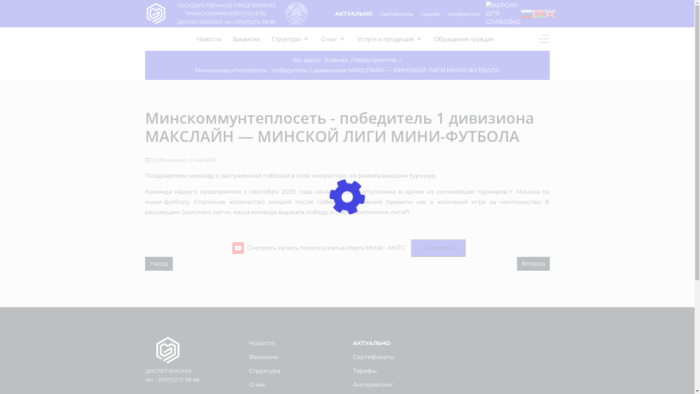 The width and height of the screenshot is (700, 394). Describe the element at coordinates (538, 13) in the screenshot. I see `'Belarusian'` at that location.